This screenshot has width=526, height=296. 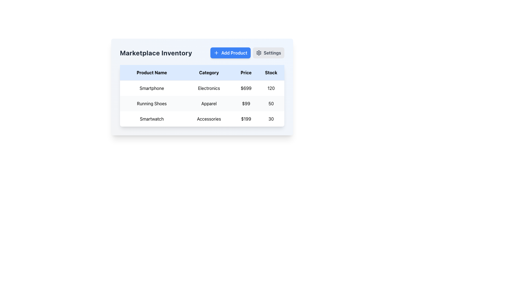 I want to click on the first row in the data table containing the values 'Smartphone', 'Electronics', '$699', and '120', so click(x=202, y=87).